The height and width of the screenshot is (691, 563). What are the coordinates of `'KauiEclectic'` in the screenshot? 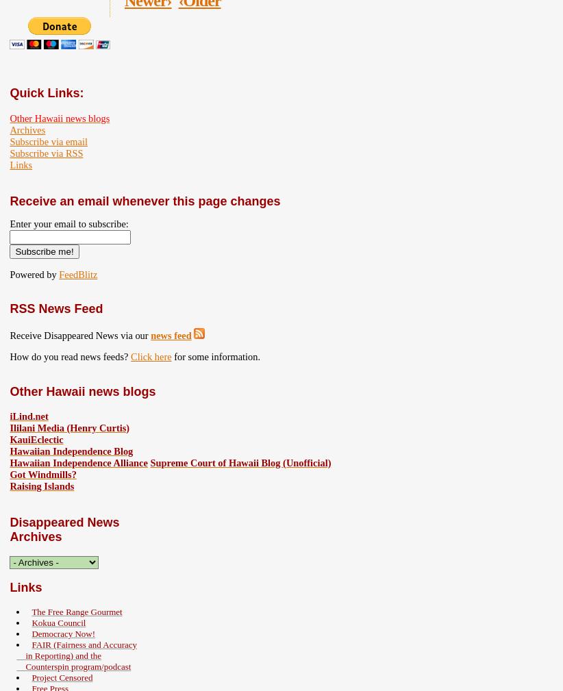 It's located at (36, 439).